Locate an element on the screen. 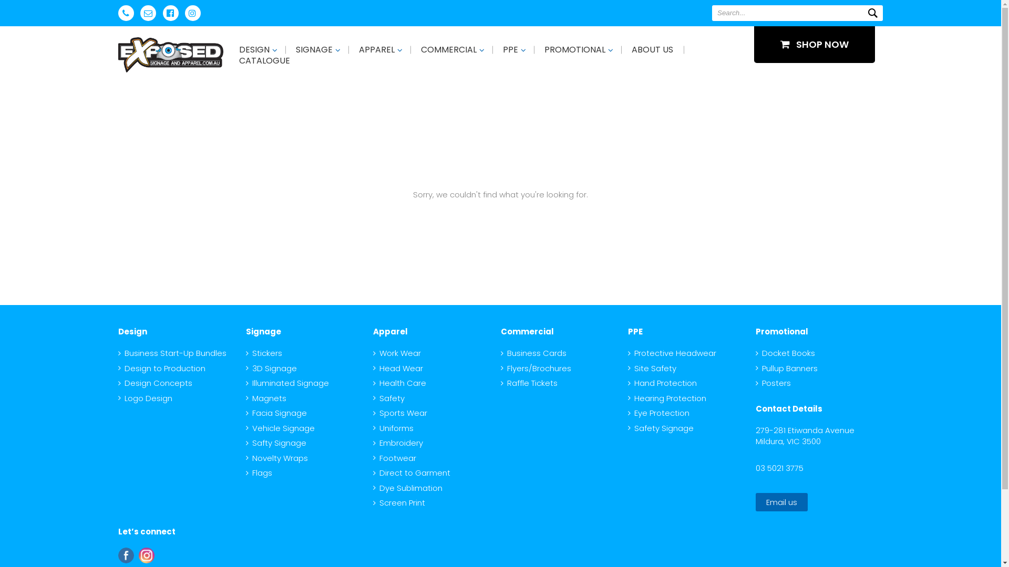 This screenshot has height=567, width=1009. 'Docket Books' is located at coordinates (785, 353).